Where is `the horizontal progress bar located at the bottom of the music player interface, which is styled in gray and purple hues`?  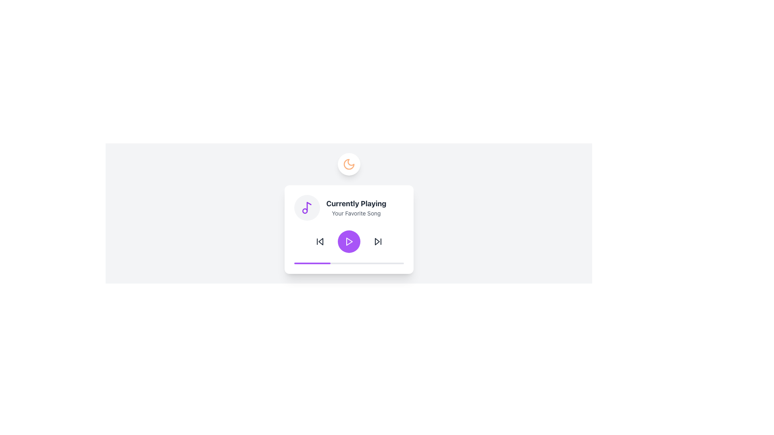
the horizontal progress bar located at the bottom of the music player interface, which is styled in gray and purple hues is located at coordinates (349, 263).